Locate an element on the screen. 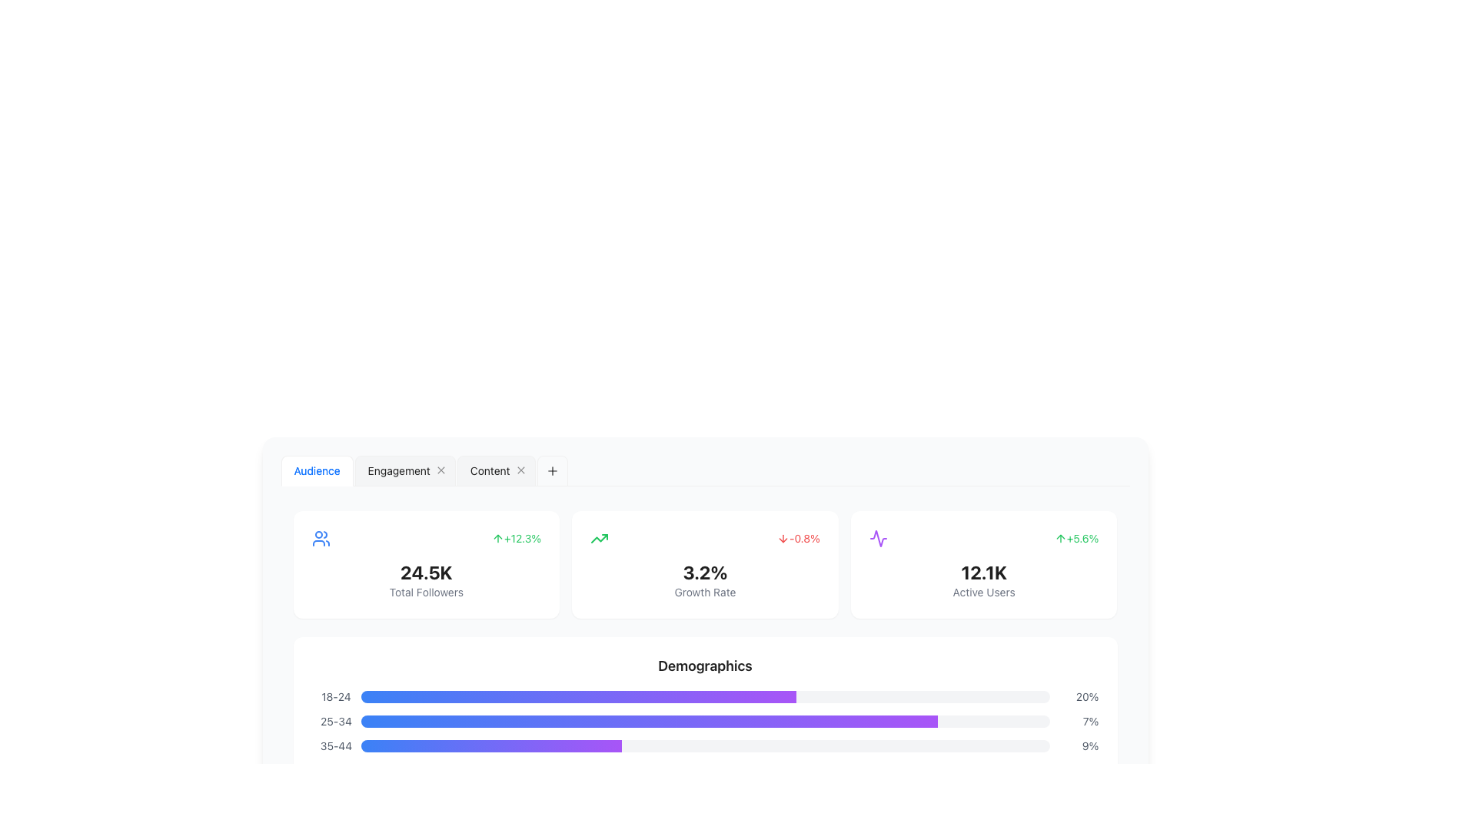 This screenshot has height=830, width=1476. the close icon on the 'Engagement' tab UI element located in the navigation bar is located at coordinates (405, 470).